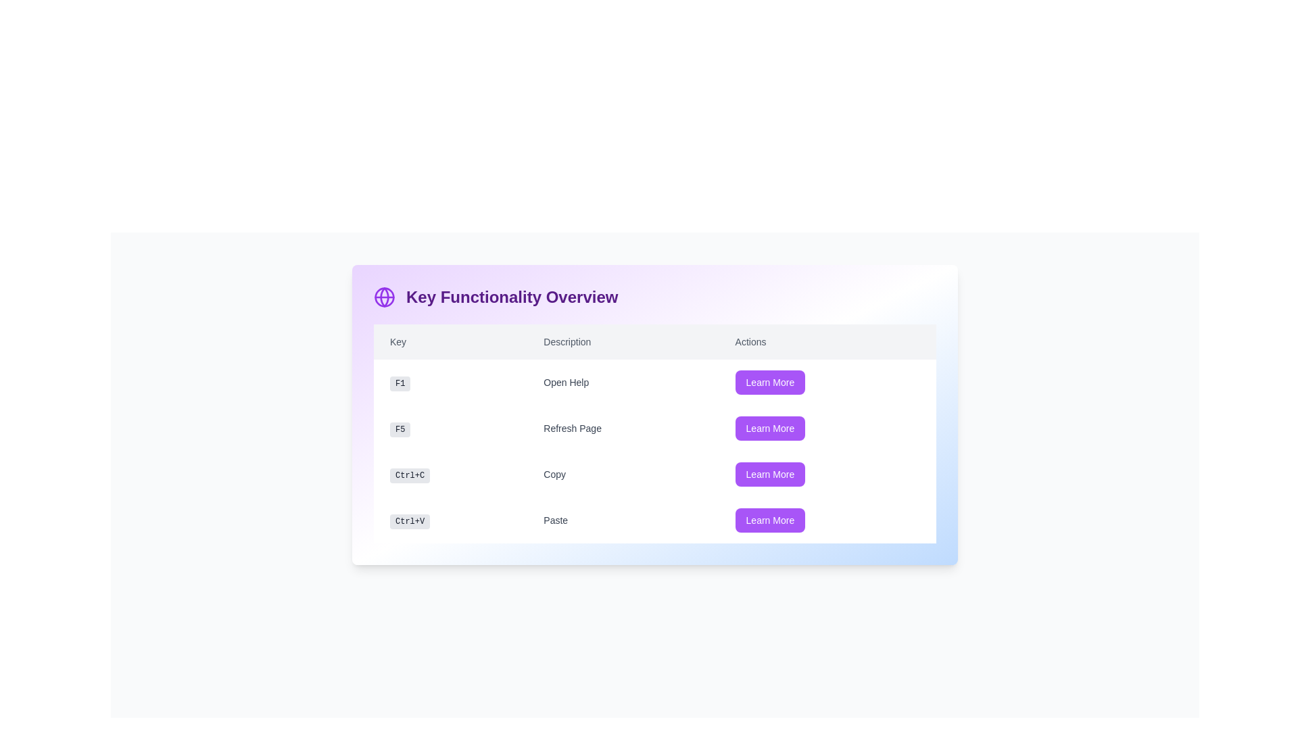 The height and width of the screenshot is (730, 1298). I want to click on the 'Learn More' button located in the third row of the table, which describes the 'Copy' functionality and is situated between the 'F5 - Refresh Page' and 'Ctrl+V - Paste' rows, so click(655, 474).